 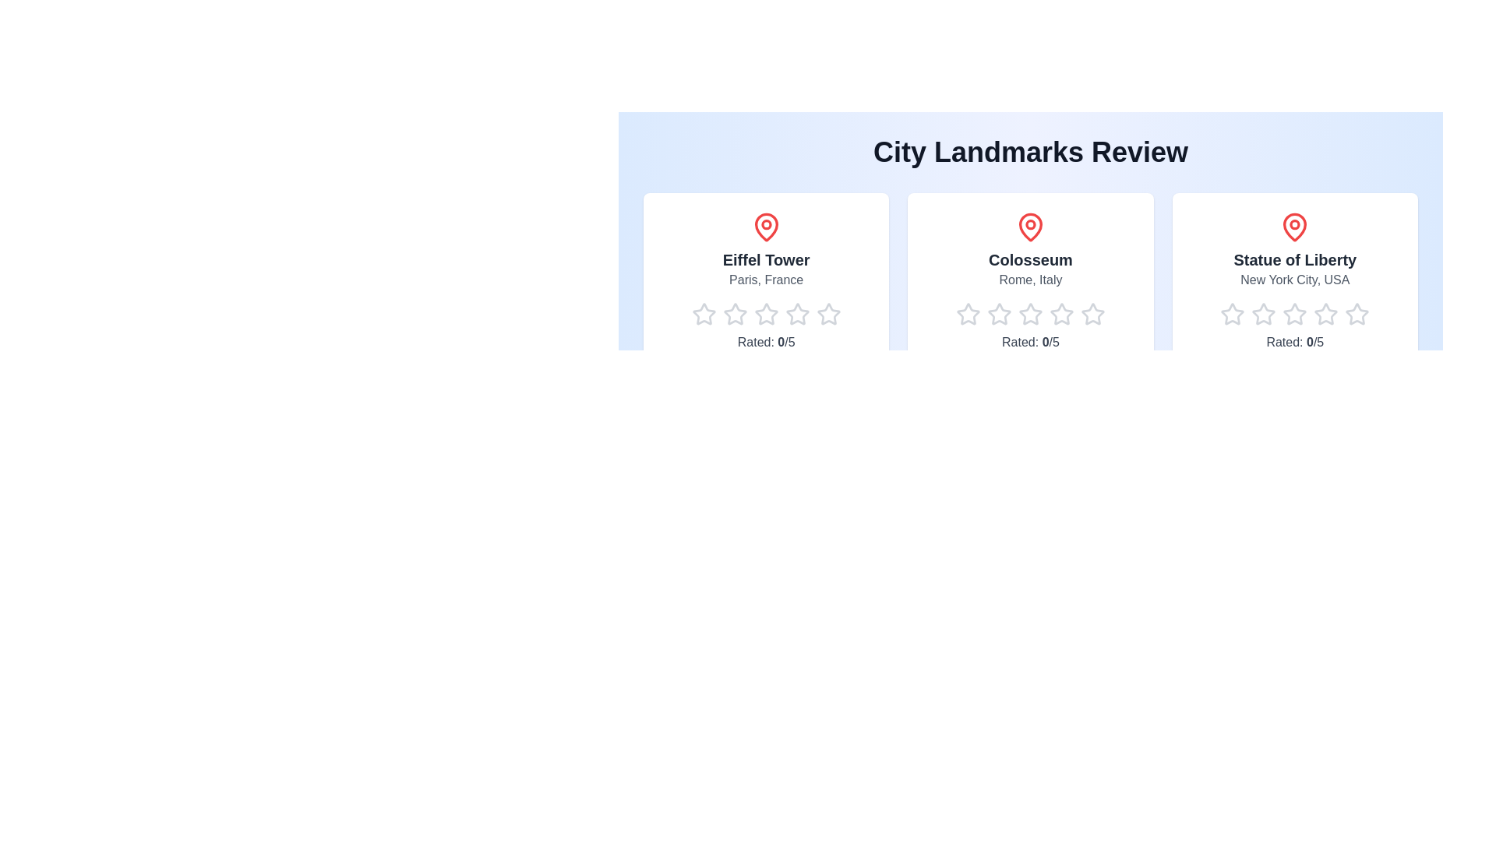 What do you see at coordinates (815, 315) in the screenshot?
I see `the star corresponding to 5 for the landmark Eiffel Tower` at bounding box center [815, 315].